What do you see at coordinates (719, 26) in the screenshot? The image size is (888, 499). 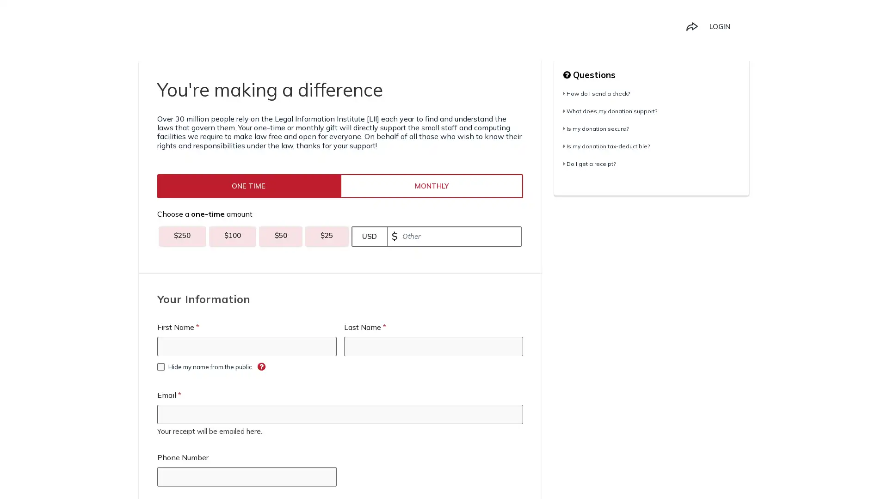 I see `LOGIN` at bounding box center [719, 26].